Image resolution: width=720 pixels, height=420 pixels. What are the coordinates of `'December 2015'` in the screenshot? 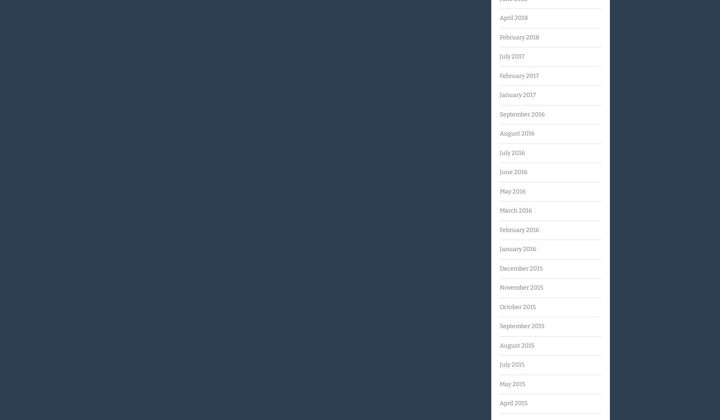 It's located at (499, 268).